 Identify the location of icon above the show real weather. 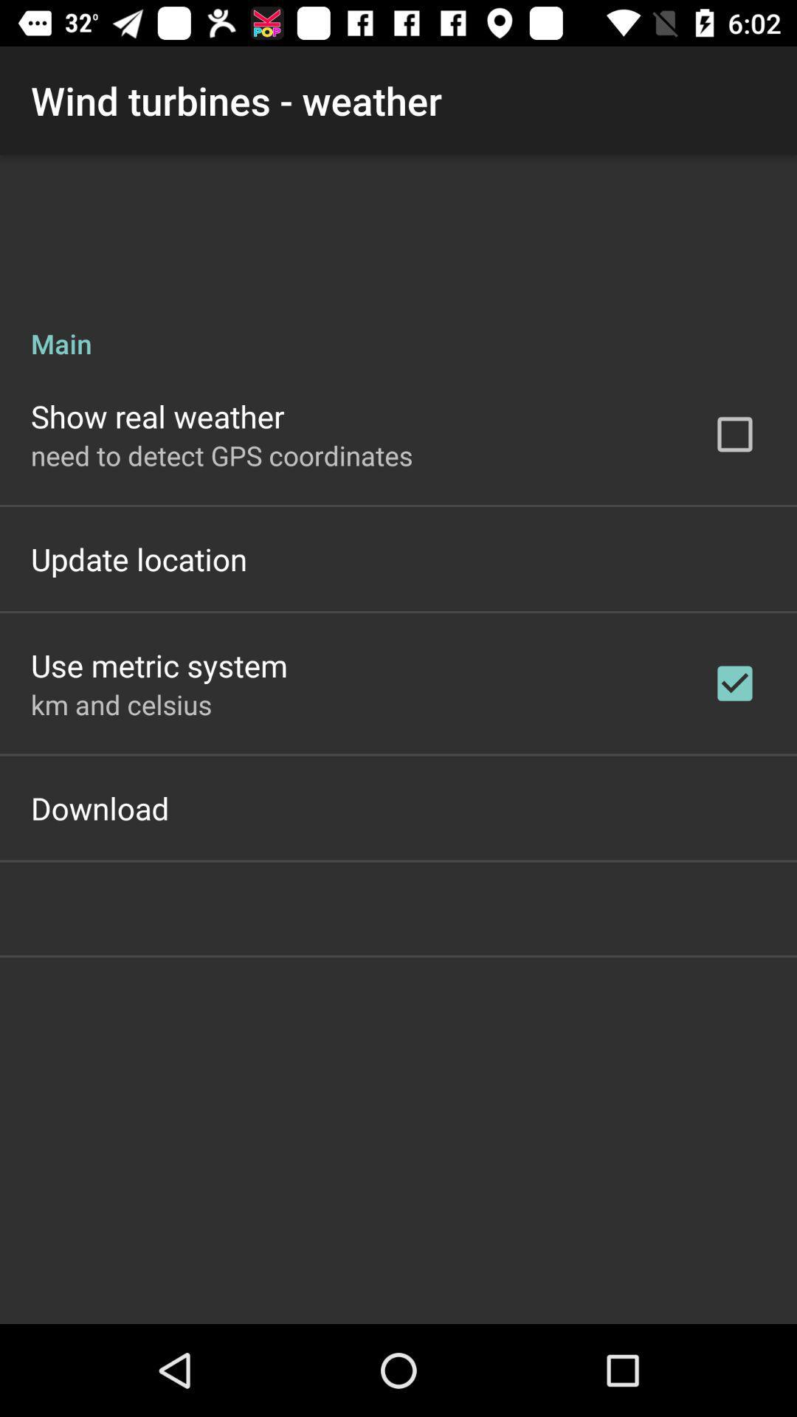
(398, 327).